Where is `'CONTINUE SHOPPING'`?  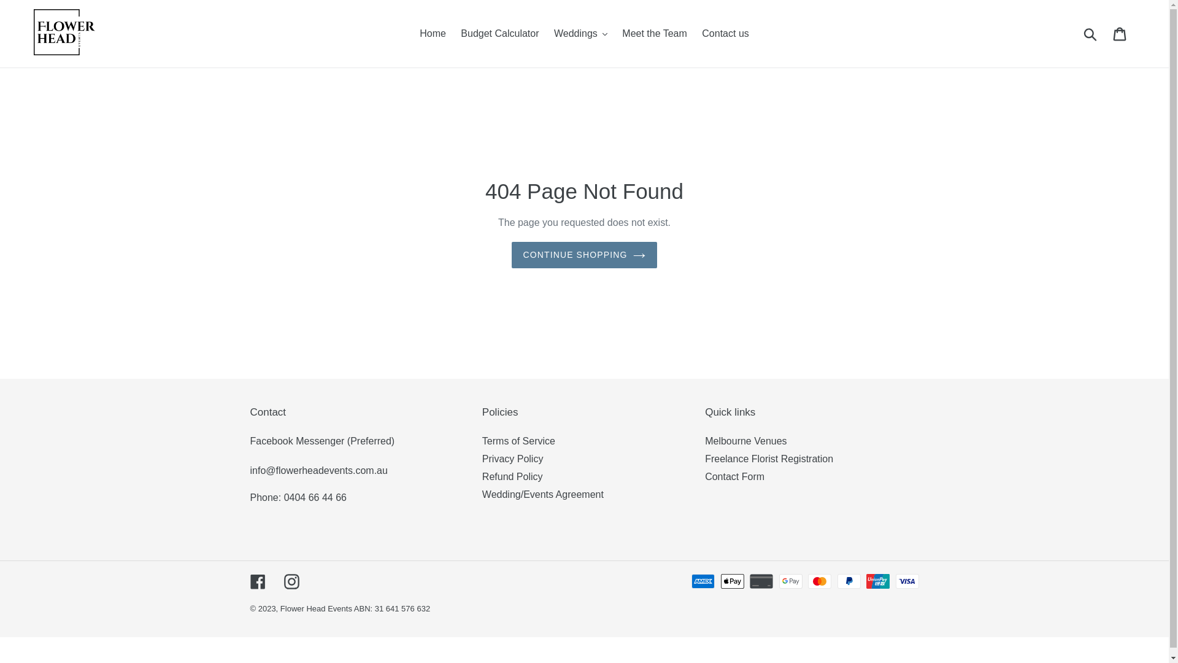 'CONTINUE SHOPPING' is located at coordinates (584, 254).